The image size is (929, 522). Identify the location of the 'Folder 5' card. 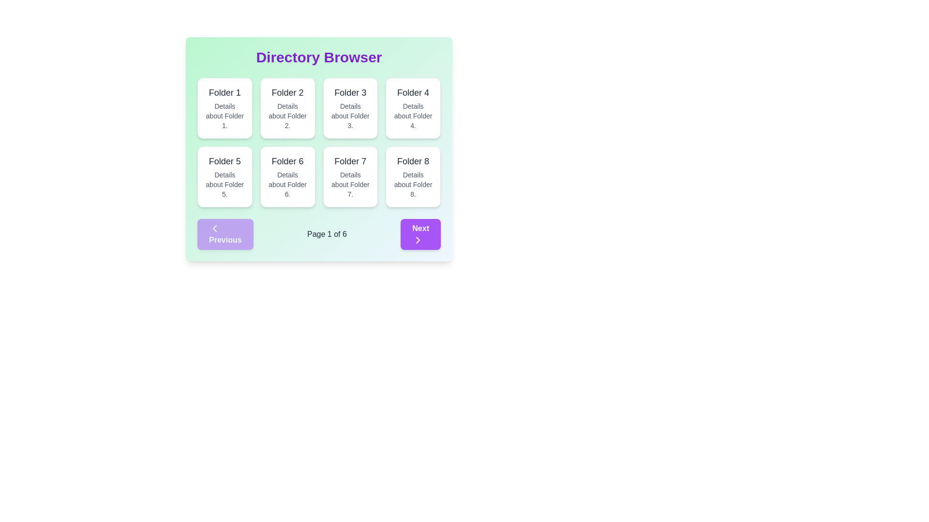
(224, 177).